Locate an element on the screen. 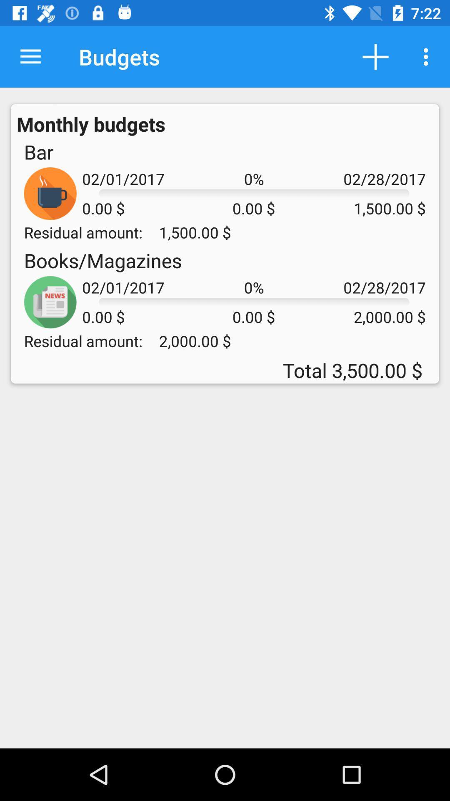 The image size is (450, 801). item next to the budgets is located at coordinates (30, 56).